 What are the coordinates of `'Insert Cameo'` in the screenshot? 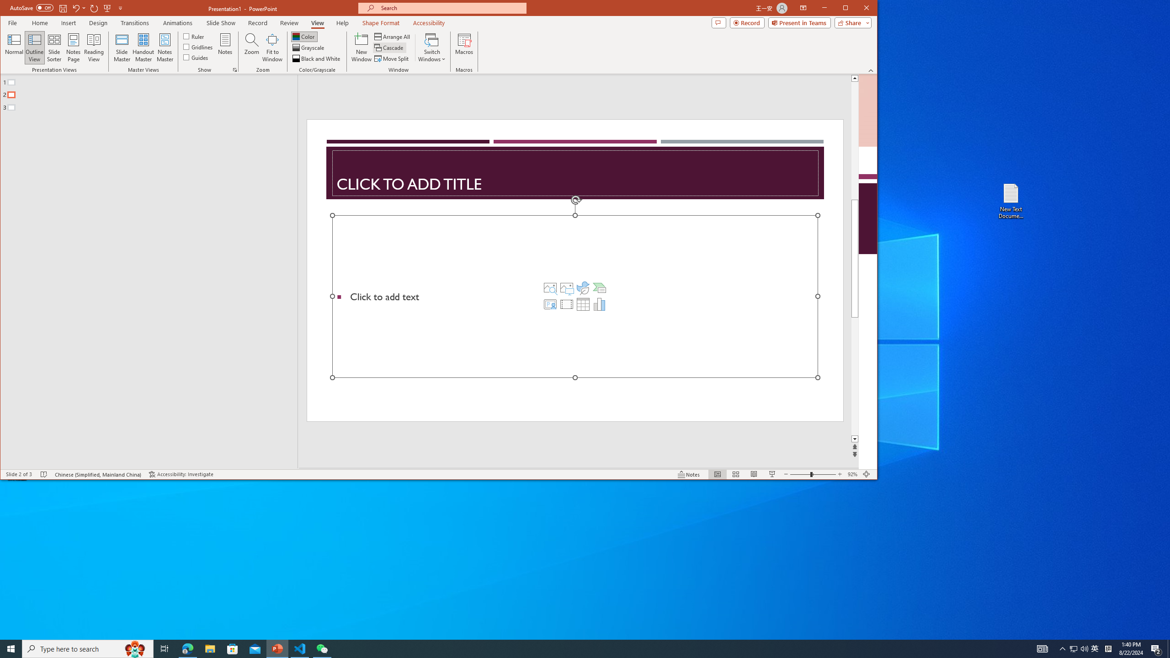 It's located at (550, 304).